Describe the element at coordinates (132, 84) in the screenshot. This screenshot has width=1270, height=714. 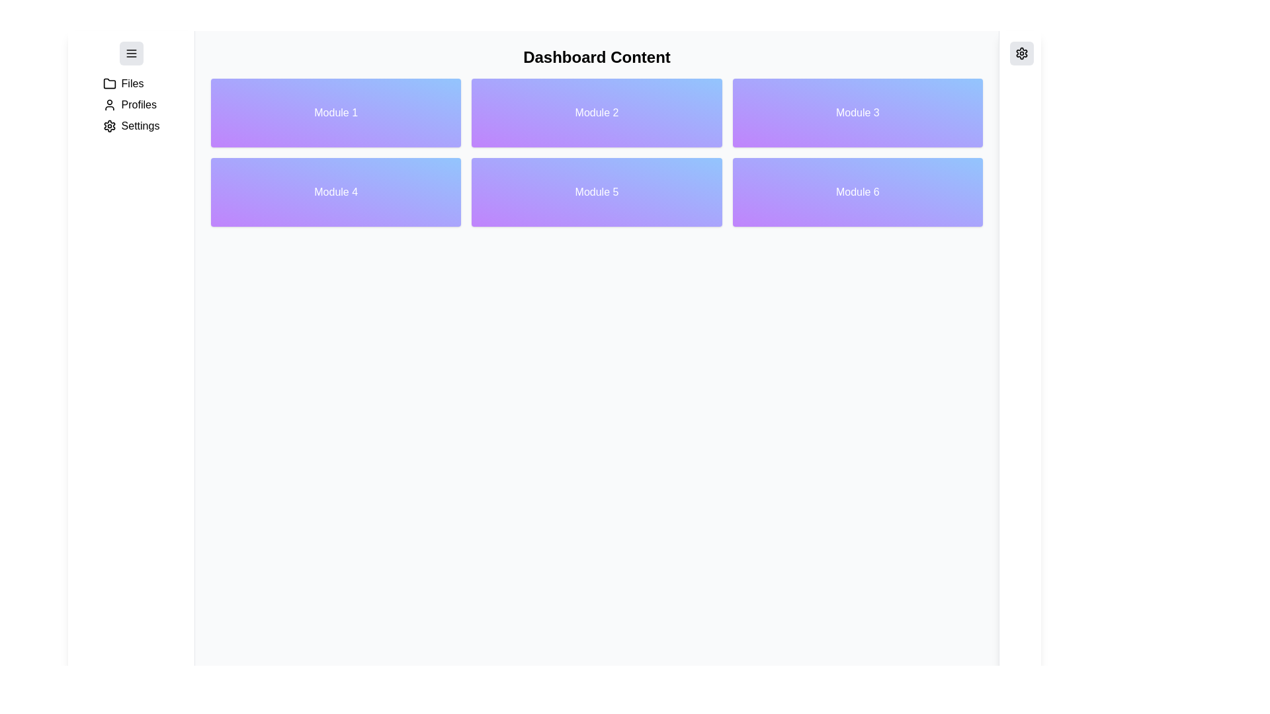
I see `text from the label that says 'Files', which is positioned to the right of a folder icon in the vertical menu` at that location.